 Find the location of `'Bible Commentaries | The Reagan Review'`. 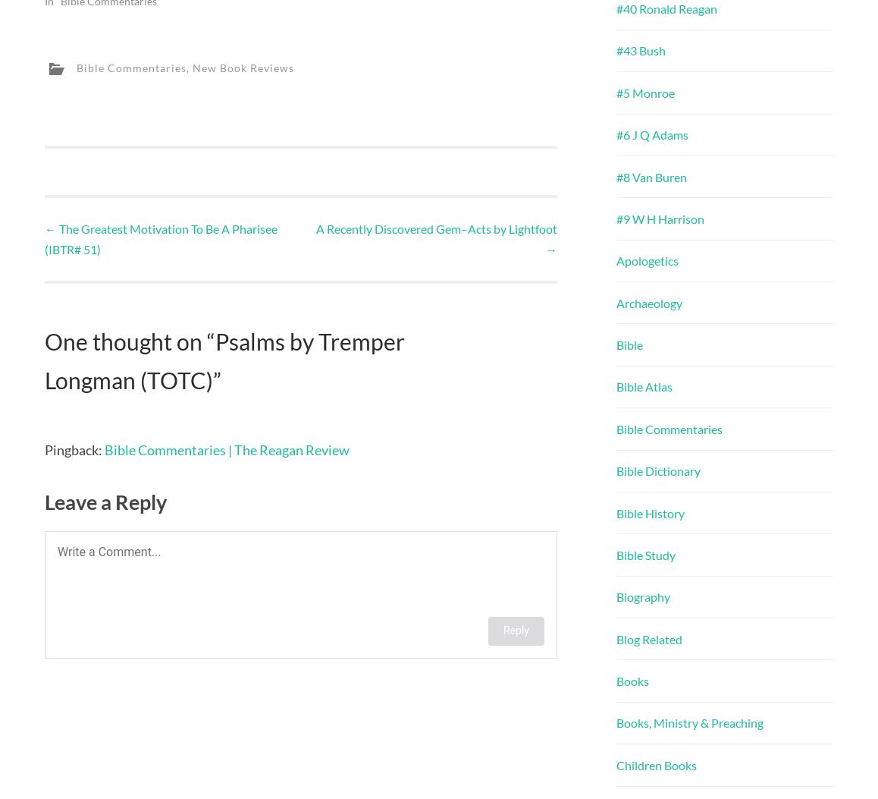

'Bible Commentaries | The Reagan Review' is located at coordinates (227, 448).